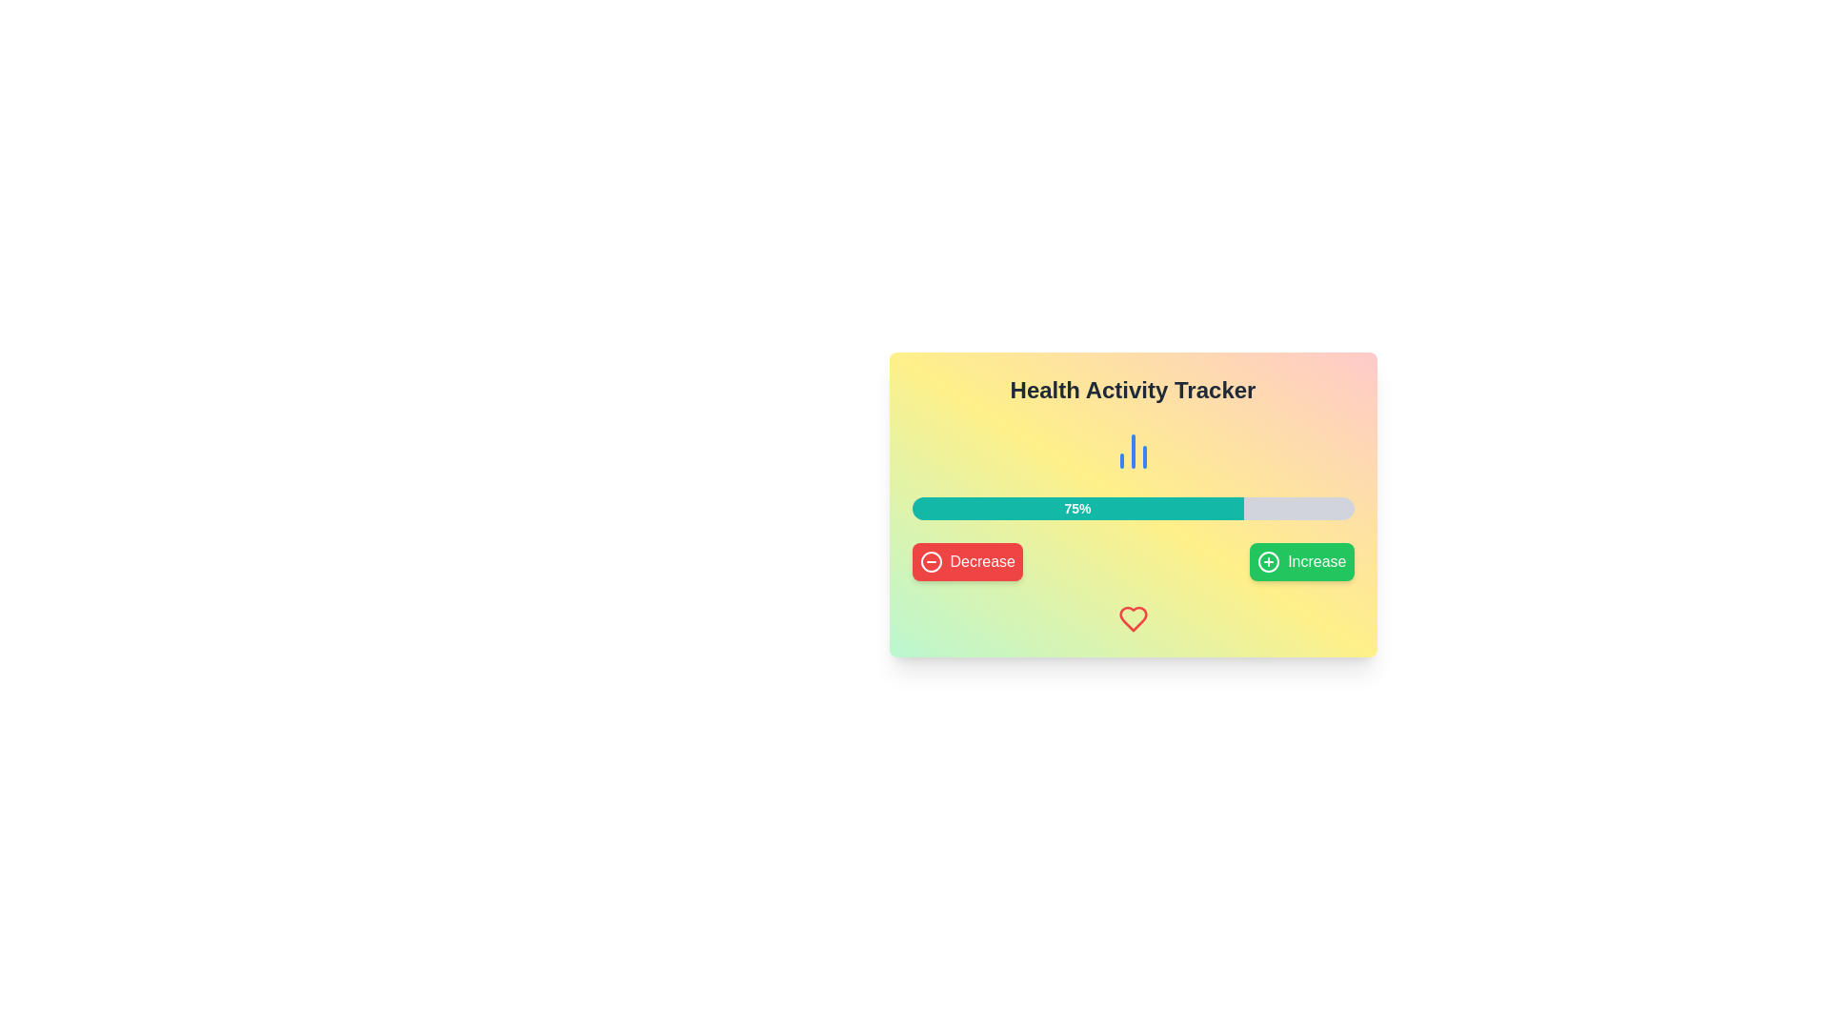 This screenshot has width=1829, height=1029. I want to click on the progress bar indicating 75% completion in the 'Health Activity Tracker' interface, so click(1133, 507).